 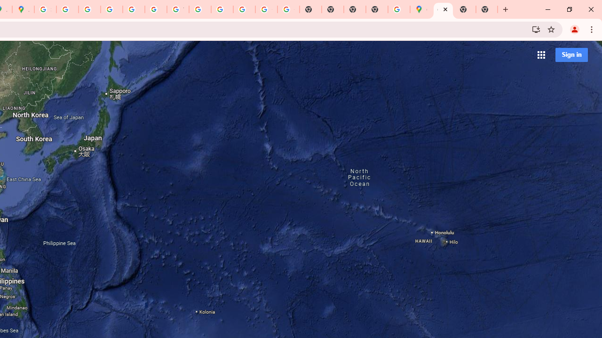 I want to click on 'Use Google Maps in Space - Google Maps Help', so click(x=399, y=9).